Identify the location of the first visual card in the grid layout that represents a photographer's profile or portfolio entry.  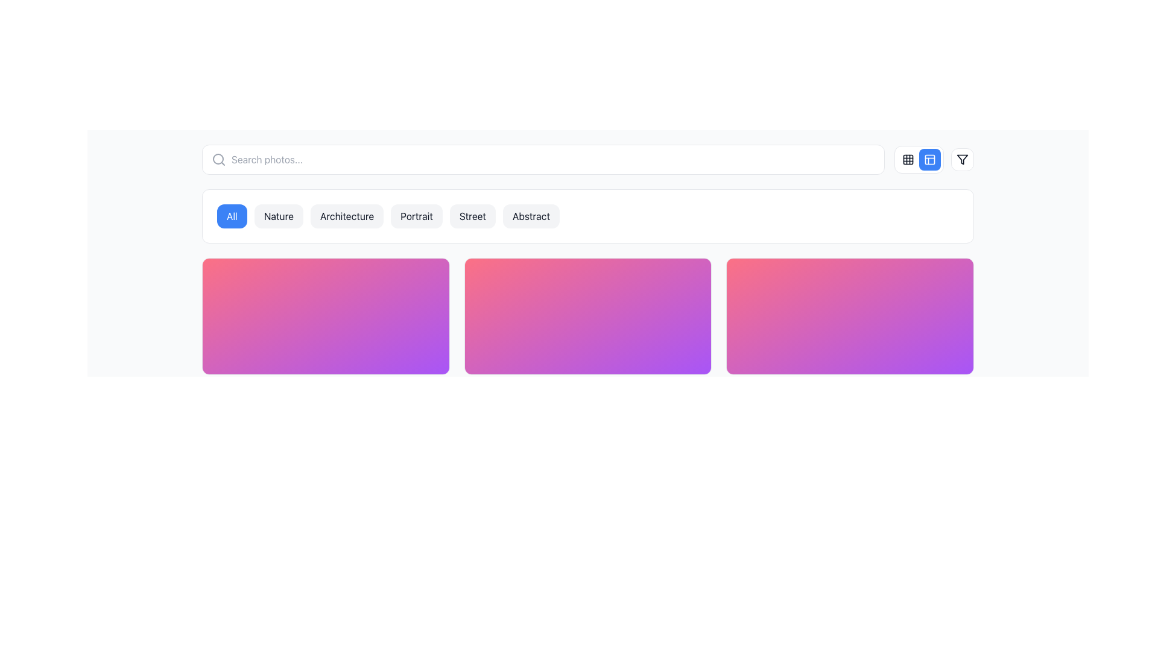
(326, 315).